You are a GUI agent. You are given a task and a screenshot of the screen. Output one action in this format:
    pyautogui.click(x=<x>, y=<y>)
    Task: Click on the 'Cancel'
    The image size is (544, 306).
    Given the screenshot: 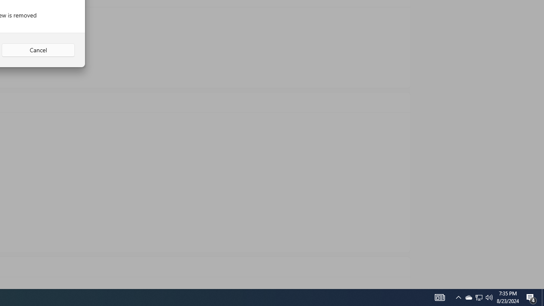 What is the action you would take?
    pyautogui.click(x=38, y=50)
    